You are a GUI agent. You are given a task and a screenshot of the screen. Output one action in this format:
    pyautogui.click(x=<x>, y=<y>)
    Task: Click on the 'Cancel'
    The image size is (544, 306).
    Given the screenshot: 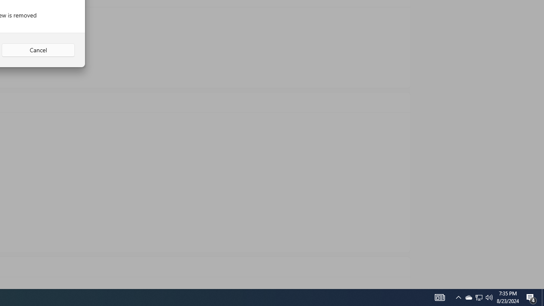 What is the action you would take?
    pyautogui.click(x=38, y=50)
    